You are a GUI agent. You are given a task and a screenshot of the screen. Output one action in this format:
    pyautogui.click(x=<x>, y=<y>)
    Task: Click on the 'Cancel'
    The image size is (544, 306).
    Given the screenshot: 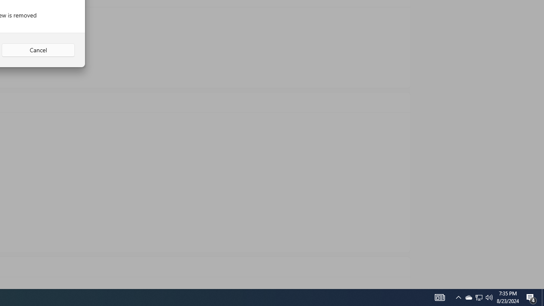 What is the action you would take?
    pyautogui.click(x=38, y=50)
    